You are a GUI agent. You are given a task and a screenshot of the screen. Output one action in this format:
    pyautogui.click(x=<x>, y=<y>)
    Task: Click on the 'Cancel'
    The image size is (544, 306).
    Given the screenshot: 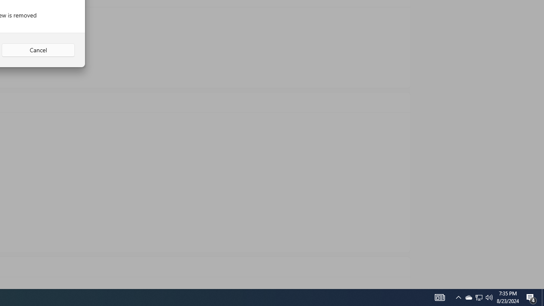 What is the action you would take?
    pyautogui.click(x=38, y=50)
    